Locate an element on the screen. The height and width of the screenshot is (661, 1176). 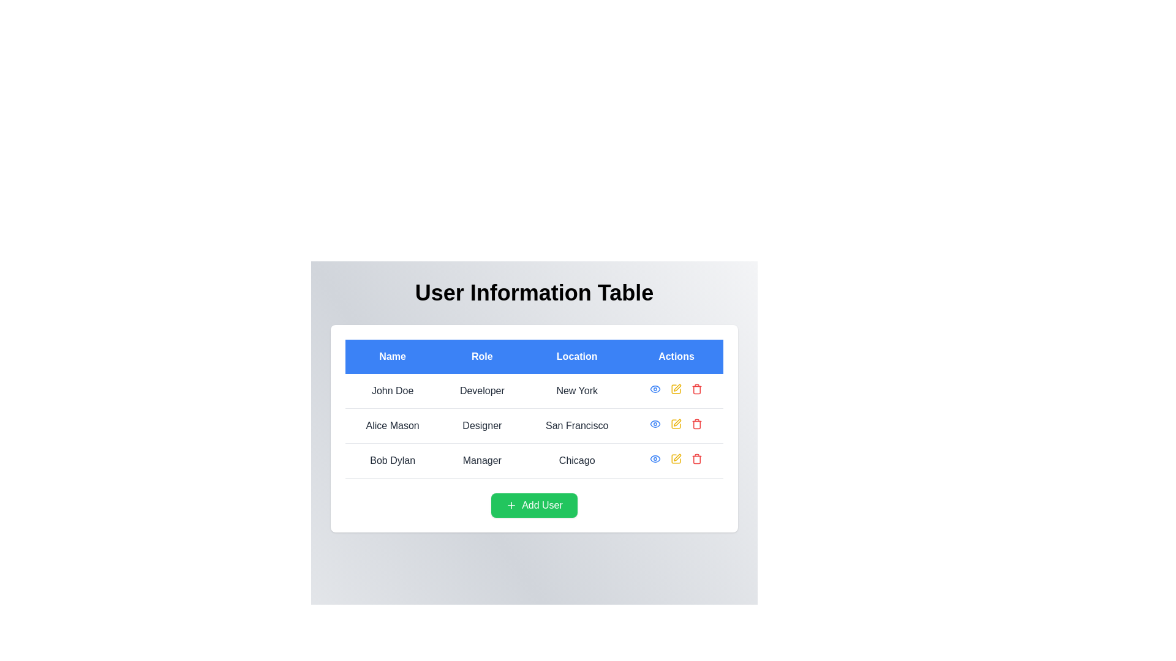
the 'Alice Mason' text label located in the first column of the second row of the user information table is located at coordinates (393, 425).